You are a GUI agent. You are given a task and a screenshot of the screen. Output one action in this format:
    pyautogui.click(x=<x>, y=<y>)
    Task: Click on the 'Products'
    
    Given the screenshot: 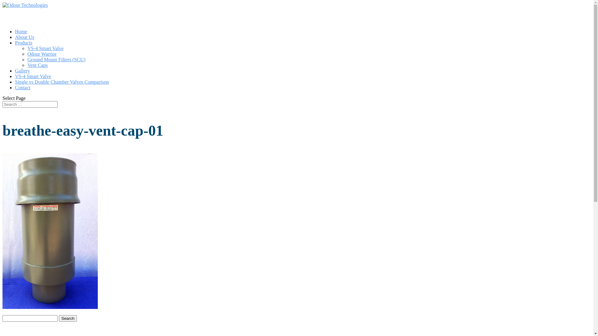 What is the action you would take?
    pyautogui.click(x=15, y=50)
    